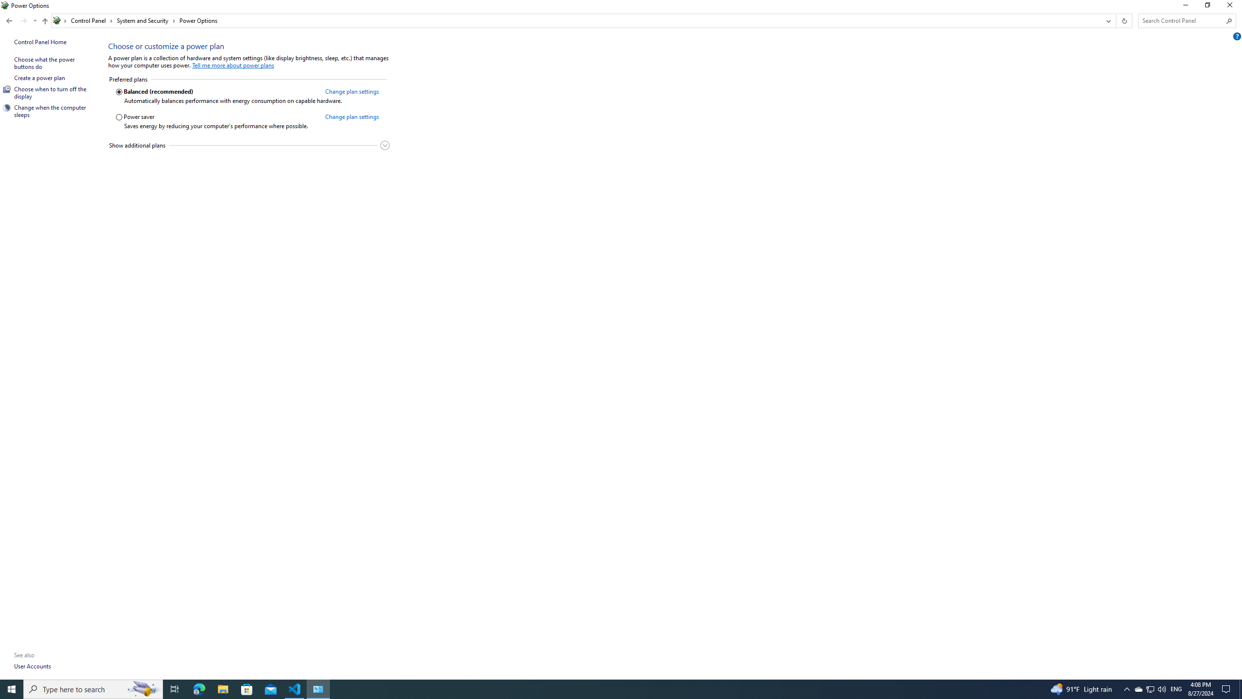 The image size is (1242, 699). Describe the element at coordinates (50, 110) in the screenshot. I see `'Change when the computer sleeps'` at that location.